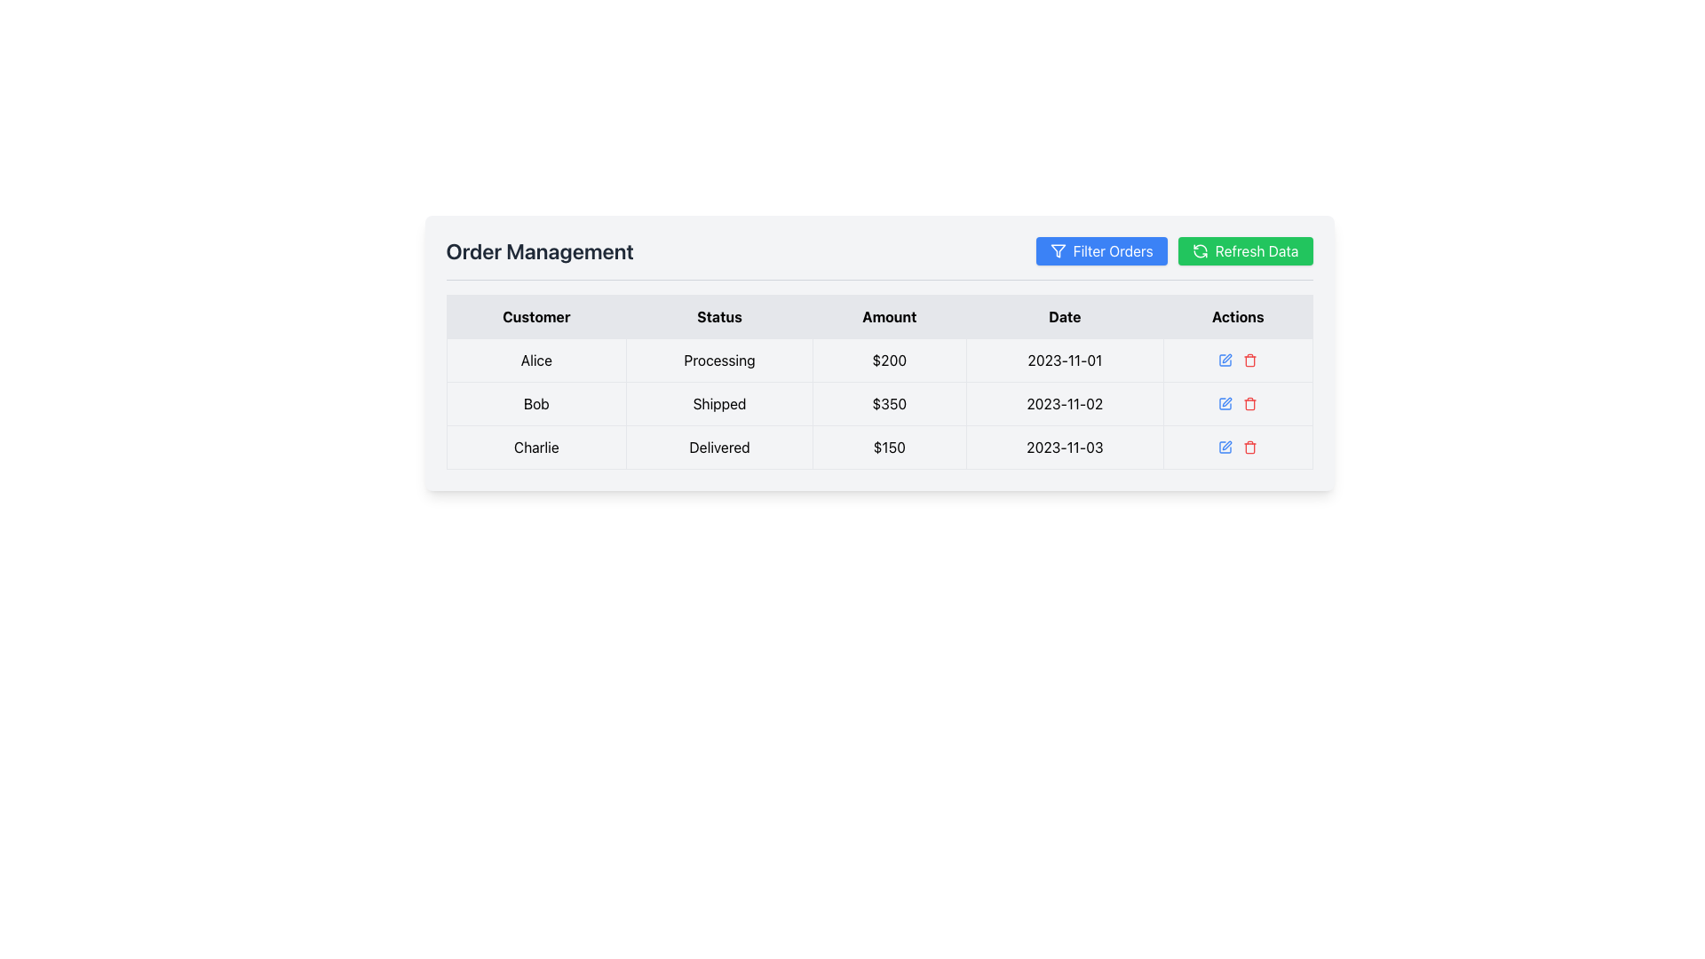 Image resolution: width=1705 pixels, height=959 pixels. Describe the element at coordinates (889, 316) in the screenshot. I see `the 'Amount' text label that is bold and centered within a light gray background, positioned as the third header in a table row between 'Status' and 'Date'` at that location.